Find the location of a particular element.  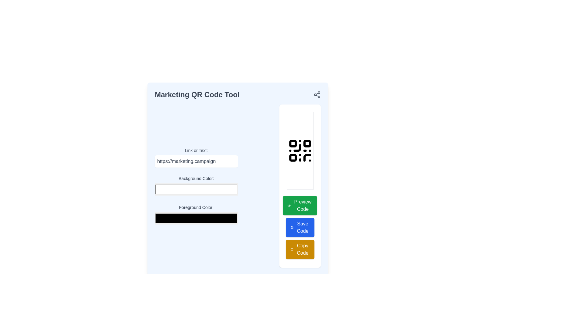

the Color input box located beneath the 'Foreground Color:' label by navigating via keyboard is located at coordinates (196, 218).